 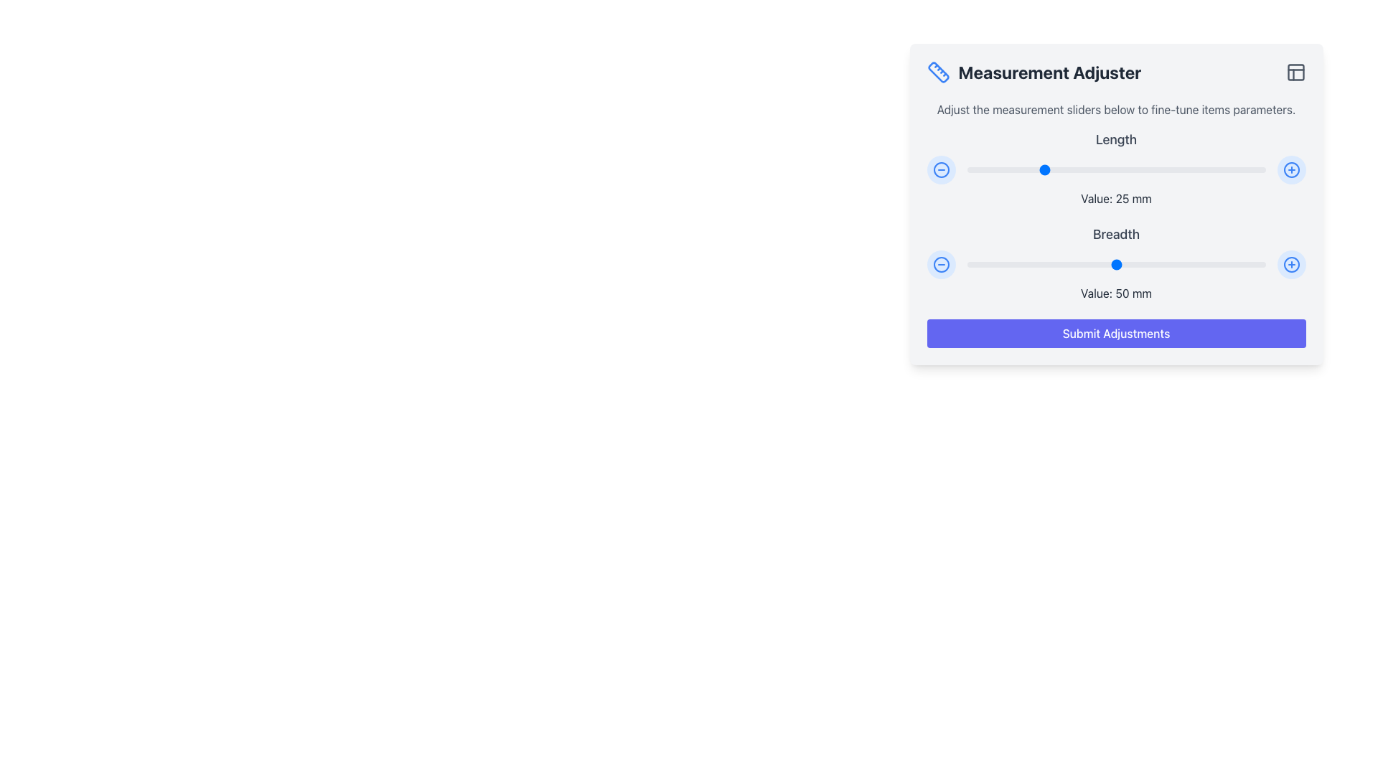 I want to click on the 'Submit Adjustments' button, which is a rectangular button with rounded corners and a blue background located at the bottom of the 'Measurement Adjuster' panel, so click(x=1115, y=334).